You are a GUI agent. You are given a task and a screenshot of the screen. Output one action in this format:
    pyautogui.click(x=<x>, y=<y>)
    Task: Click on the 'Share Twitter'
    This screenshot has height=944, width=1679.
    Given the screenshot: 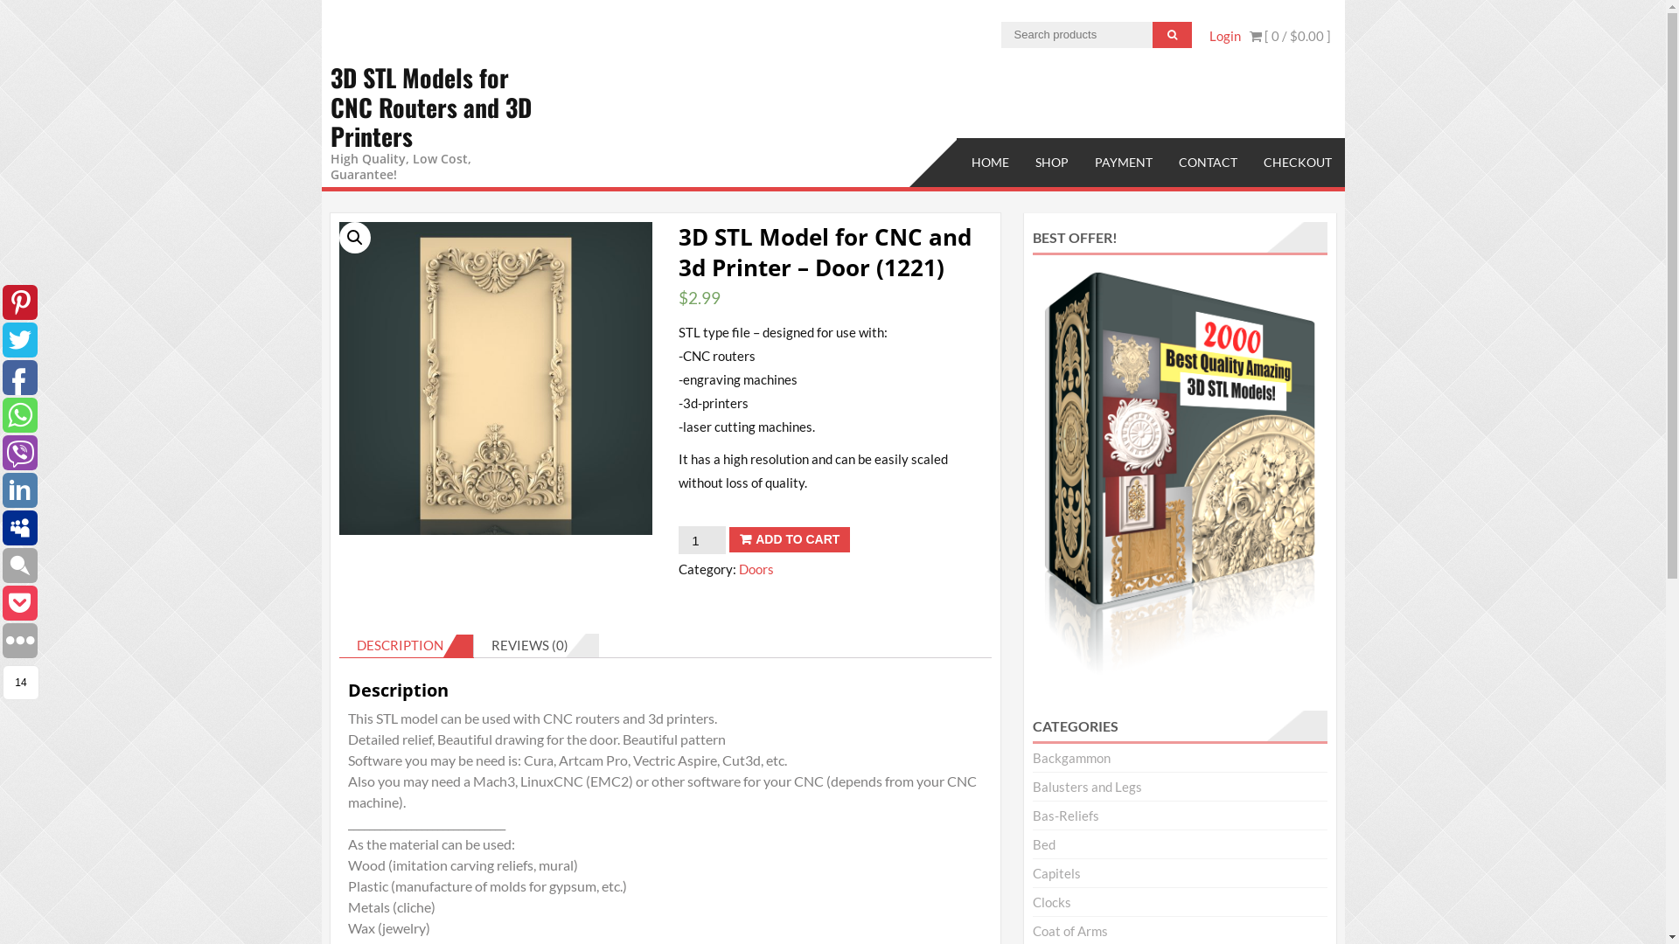 What is the action you would take?
    pyautogui.click(x=20, y=340)
    